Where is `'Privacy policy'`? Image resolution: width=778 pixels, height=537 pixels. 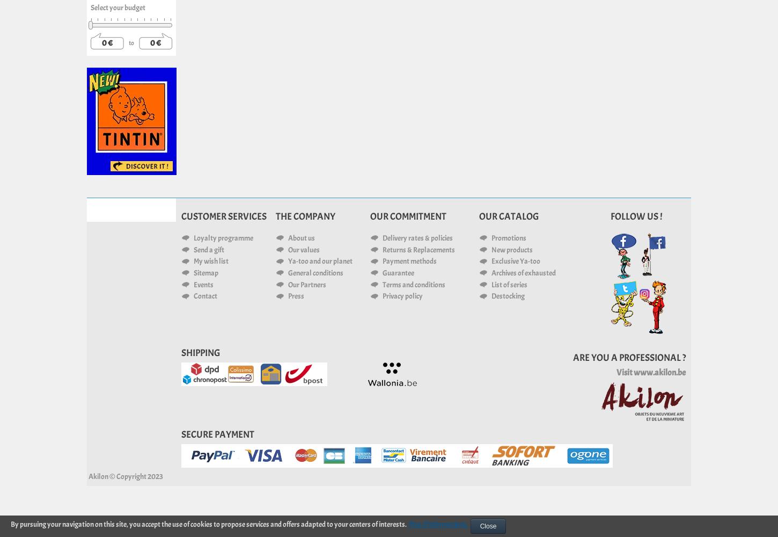
'Privacy policy' is located at coordinates (403, 296).